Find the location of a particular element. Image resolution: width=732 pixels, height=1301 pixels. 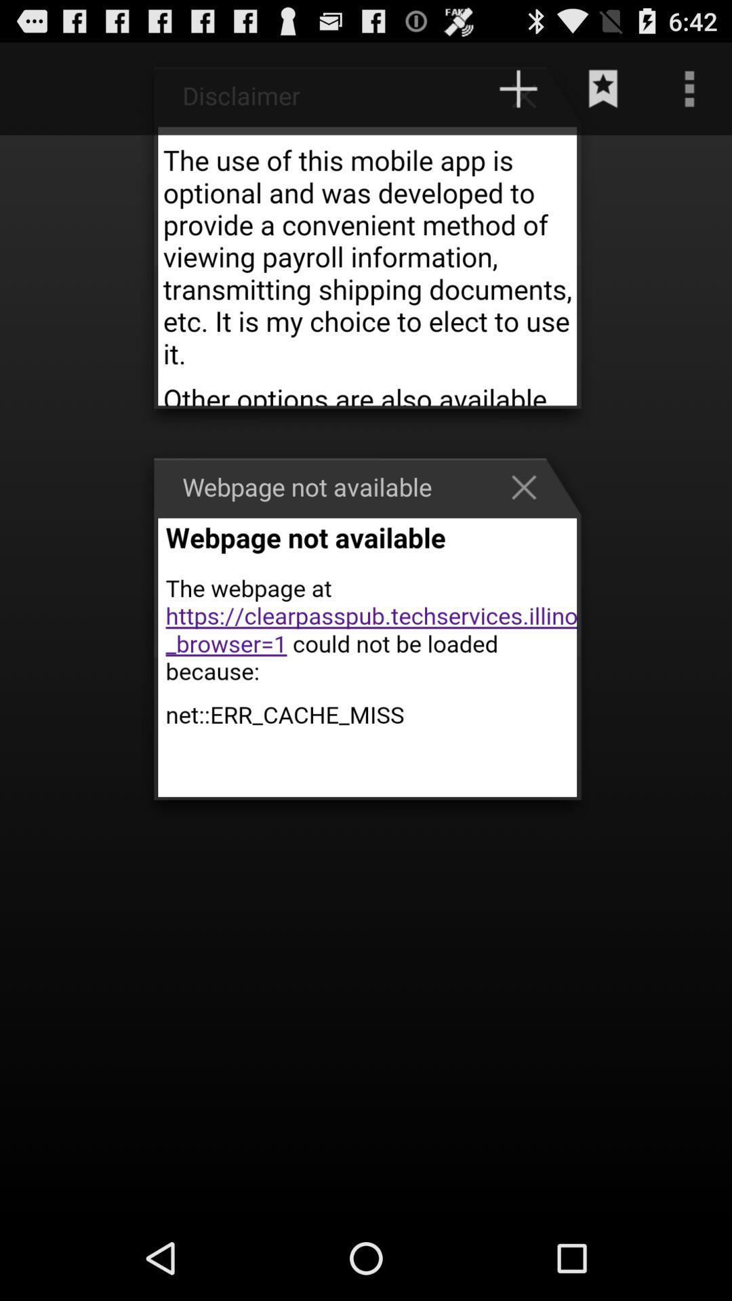

the add icon is located at coordinates (518, 94).